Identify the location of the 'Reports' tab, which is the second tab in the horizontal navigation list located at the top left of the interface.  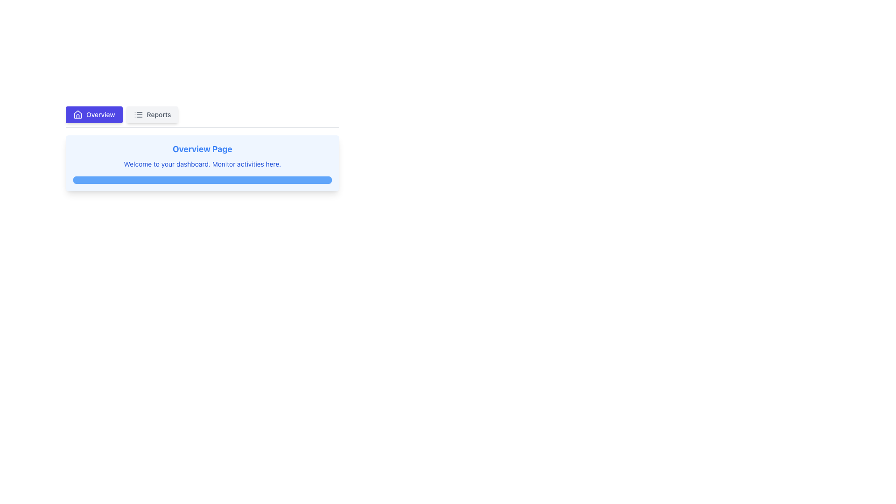
(152, 114).